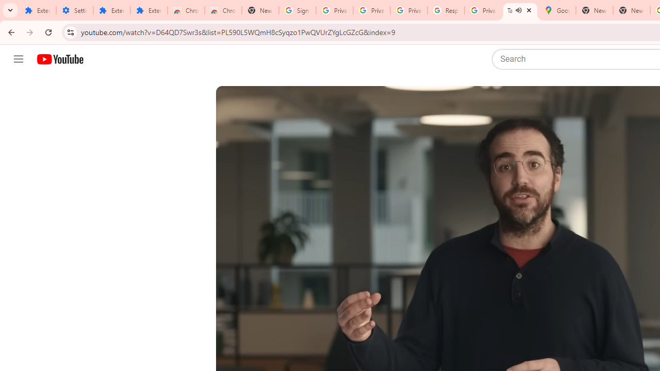 The width and height of the screenshot is (660, 371). I want to click on 'Extensions', so click(148, 10).